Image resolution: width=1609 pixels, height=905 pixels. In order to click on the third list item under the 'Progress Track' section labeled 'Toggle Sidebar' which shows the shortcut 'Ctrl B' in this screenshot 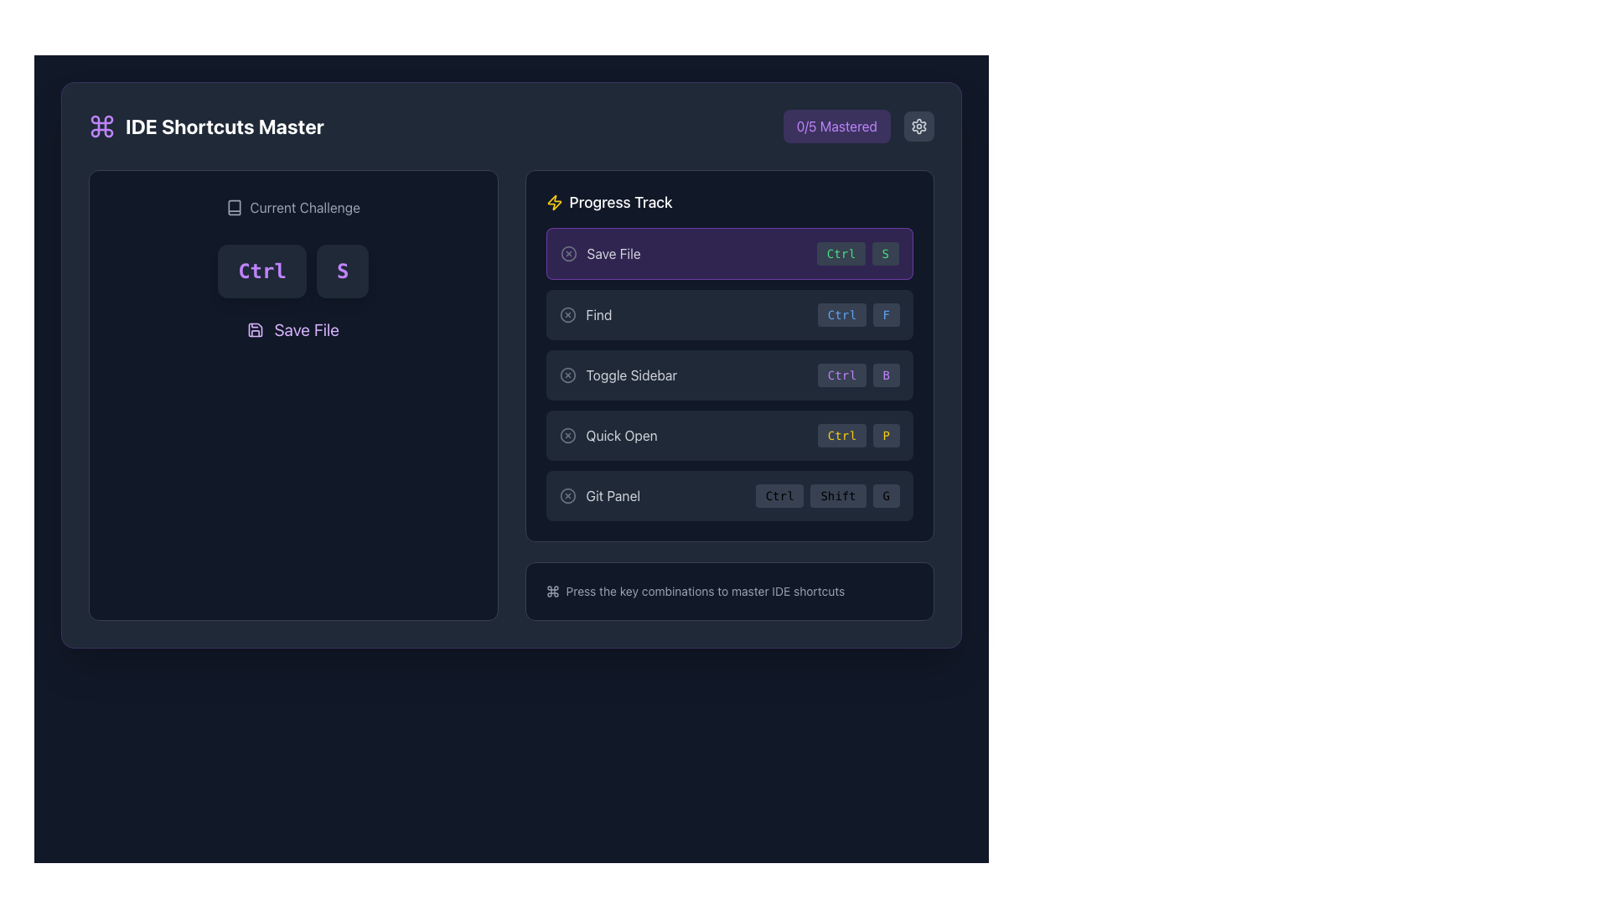, I will do `click(729, 354)`.